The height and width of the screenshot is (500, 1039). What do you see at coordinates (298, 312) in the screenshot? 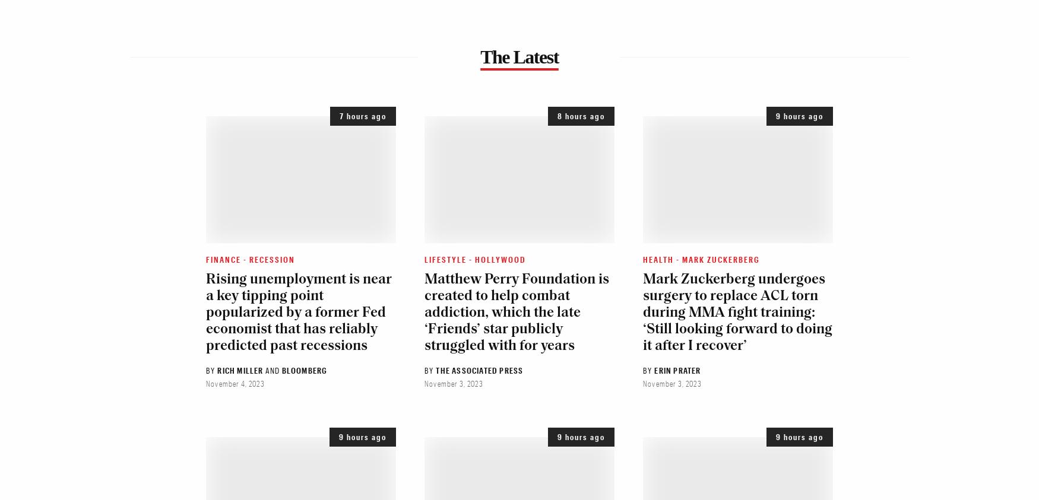
I see `'Rising unemployment is near a key tipping point popularized by a former Fed economist that has reliably predicted past recessions'` at bounding box center [298, 312].